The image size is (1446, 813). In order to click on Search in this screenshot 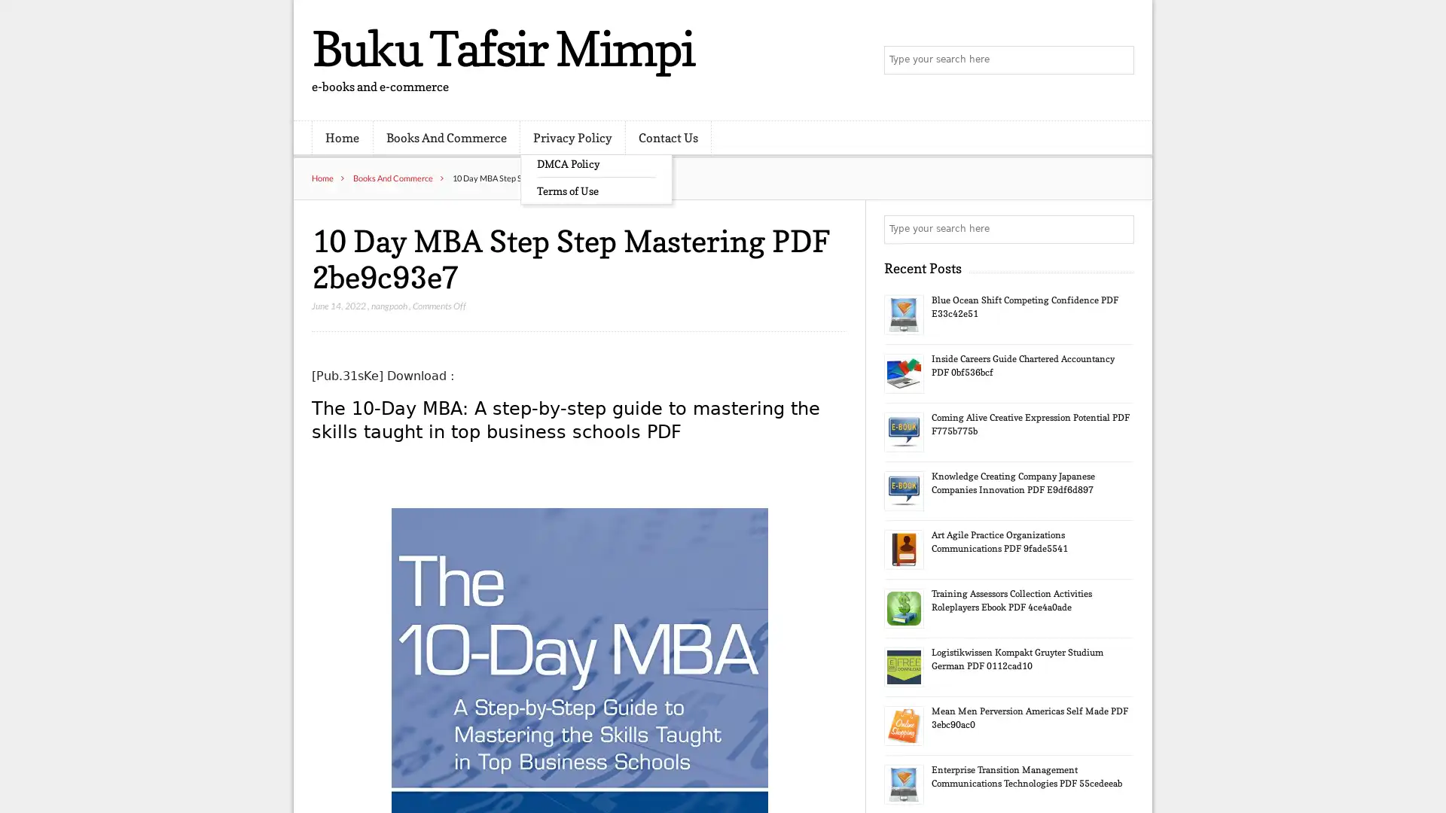, I will do `click(1118, 60)`.